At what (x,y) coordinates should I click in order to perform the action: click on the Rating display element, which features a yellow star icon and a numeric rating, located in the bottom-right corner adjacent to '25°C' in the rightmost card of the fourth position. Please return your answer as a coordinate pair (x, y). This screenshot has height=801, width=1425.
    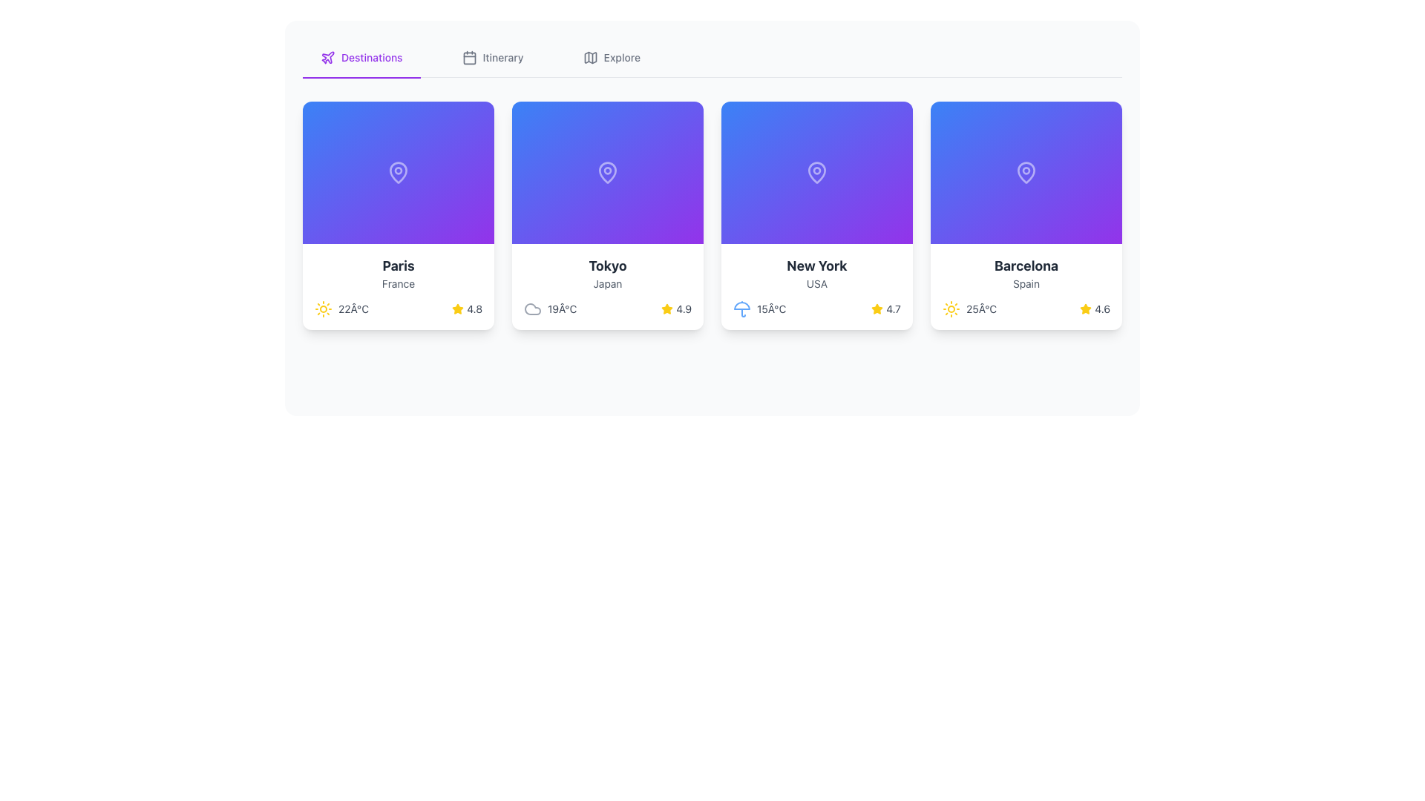
    Looking at the image, I should click on (1095, 308).